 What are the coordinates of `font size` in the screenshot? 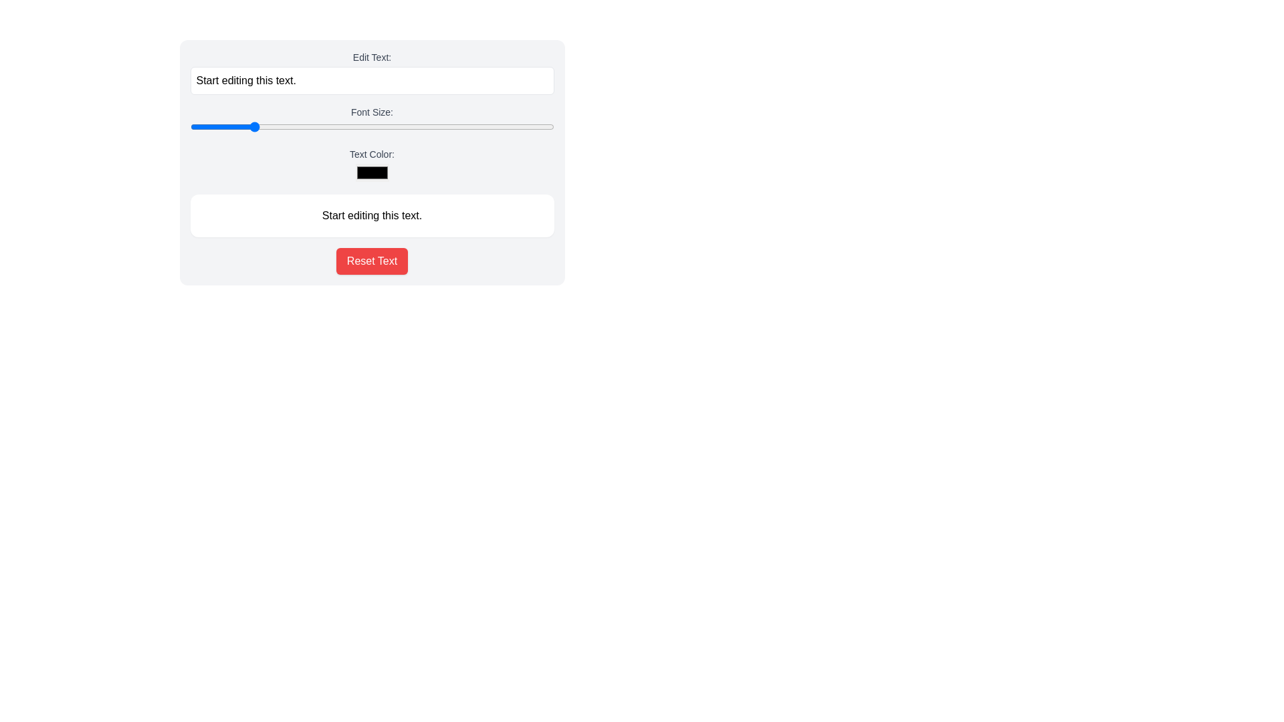 It's located at (478, 126).